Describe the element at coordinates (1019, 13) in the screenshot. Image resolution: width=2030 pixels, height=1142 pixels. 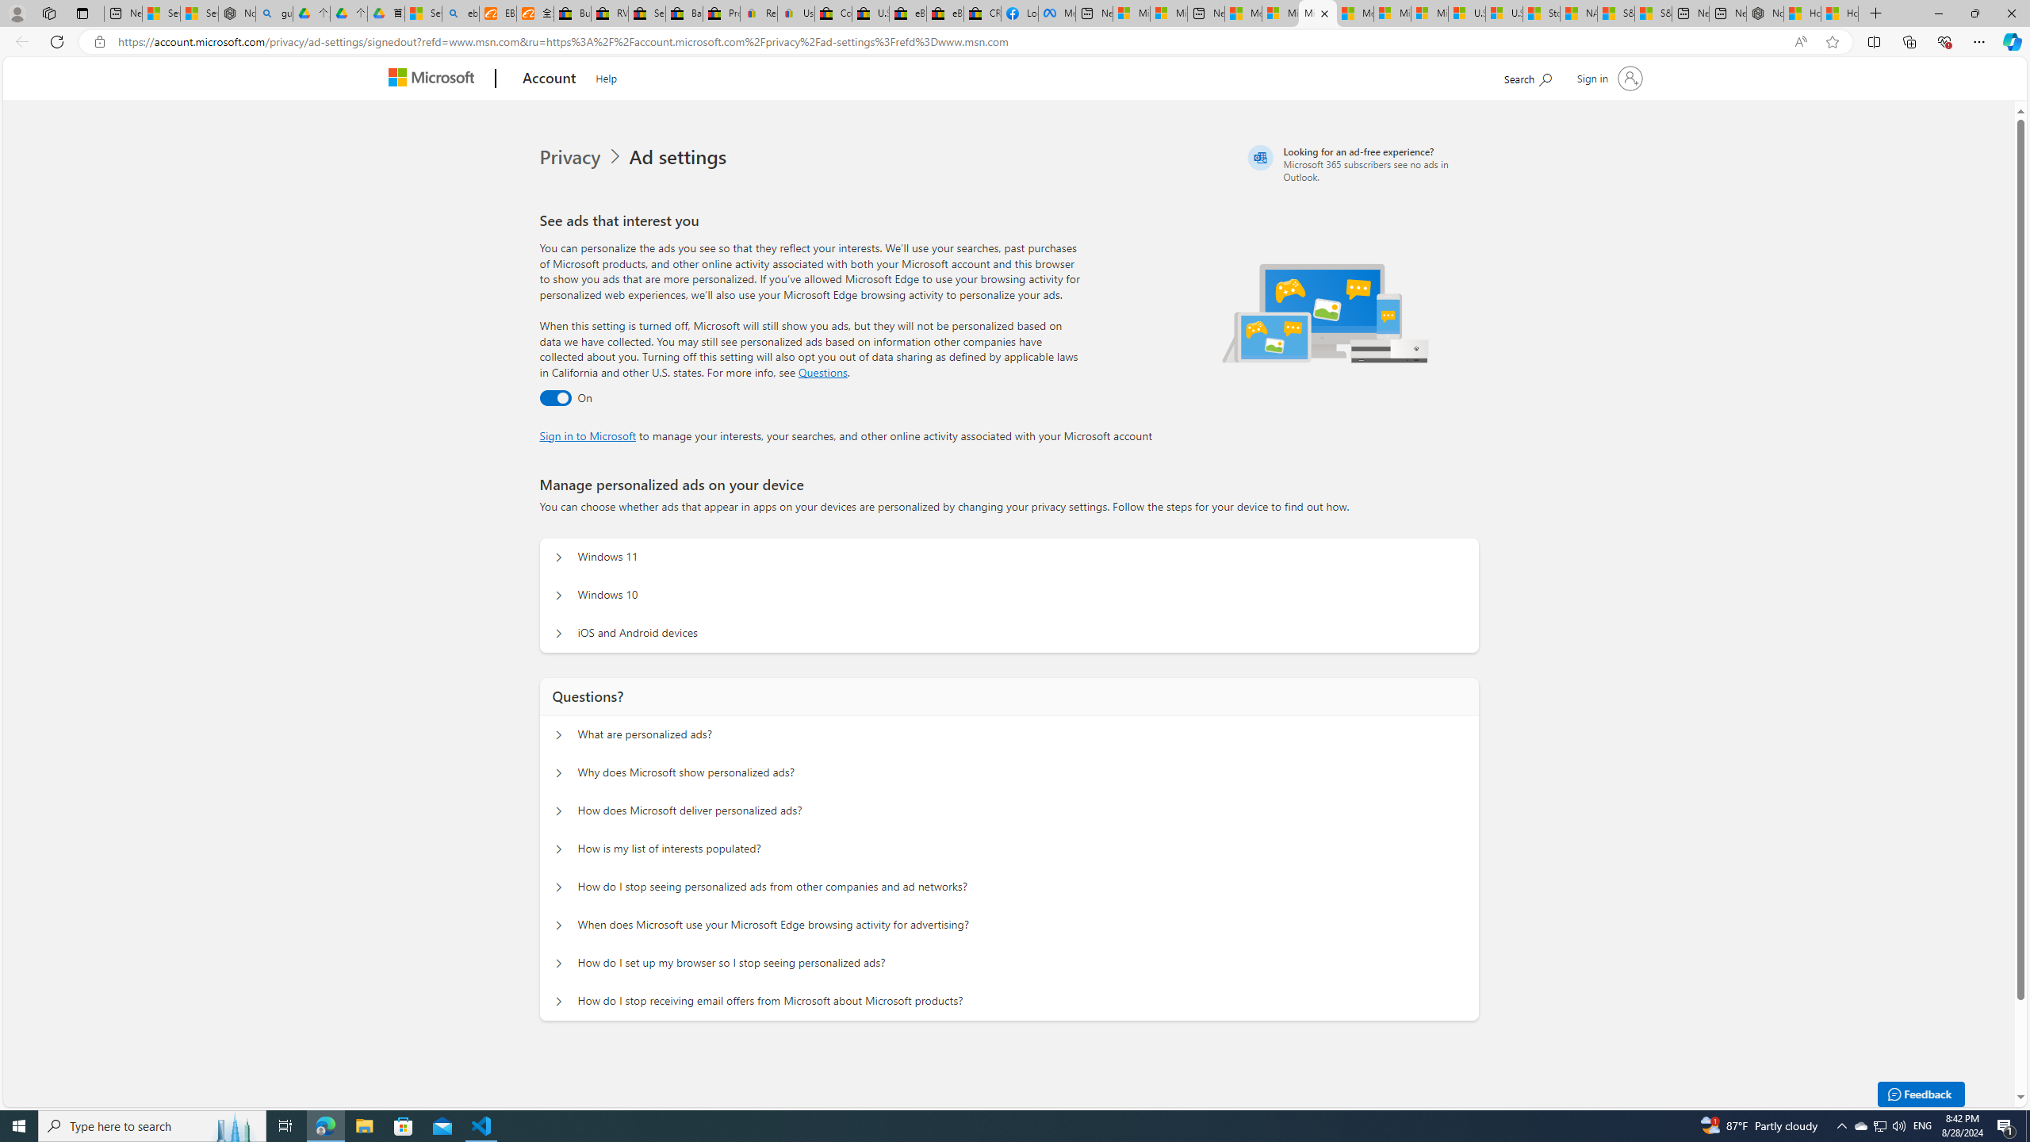
I see `'Log into Facebook'` at that location.